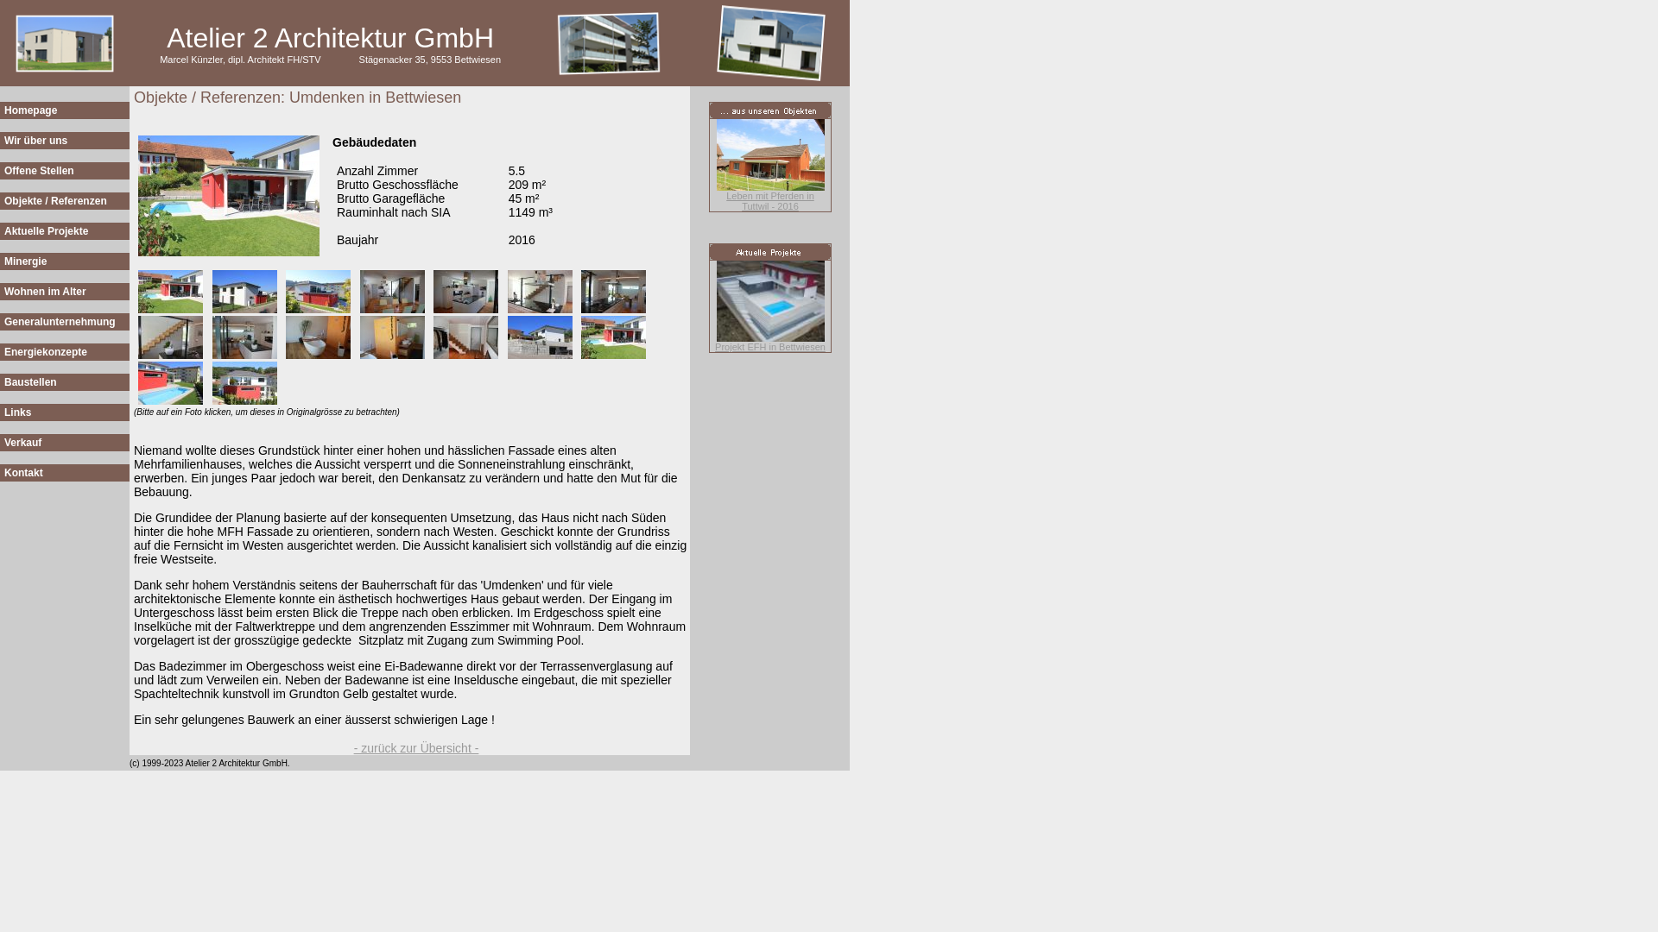  What do you see at coordinates (46, 230) in the screenshot?
I see `'Aktuelle Projekte'` at bounding box center [46, 230].